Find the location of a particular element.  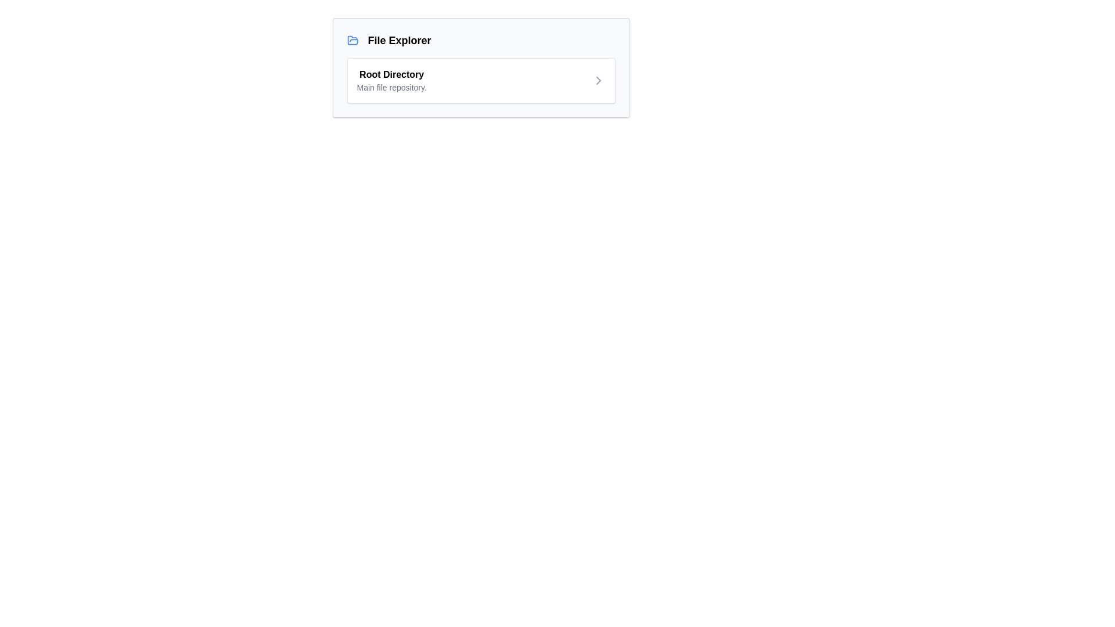

the static text description that provides information about the 'Root Directory' located in the 'File Explorer' panel, positioned below the bold text 'Root Directory' is located at coordinates (391, 87).